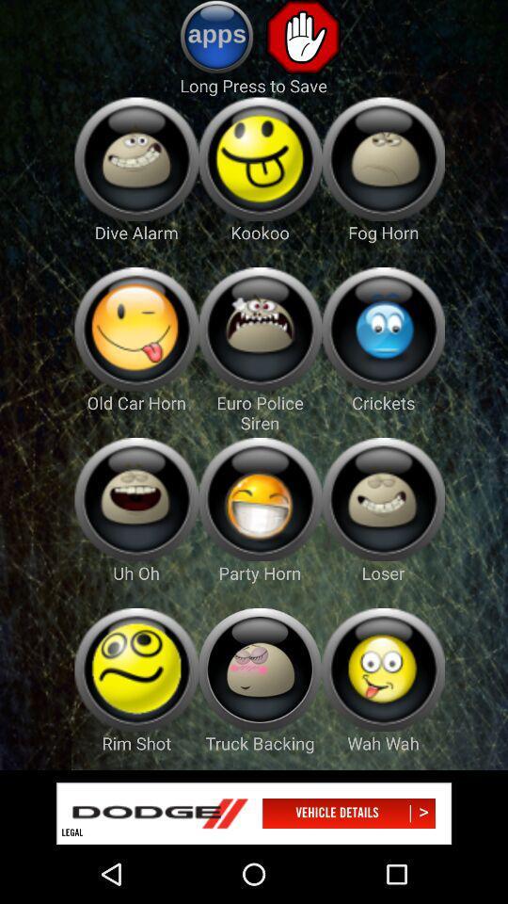 The width and height of the screenshot is (508, 904). I want to click on sound, so click(135, 158).